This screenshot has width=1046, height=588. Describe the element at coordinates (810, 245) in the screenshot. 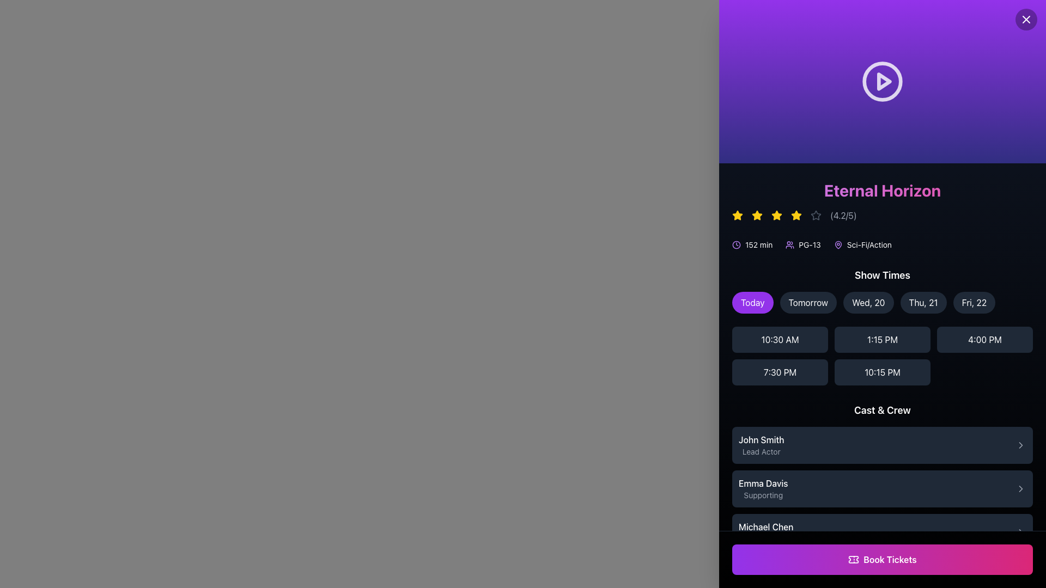

I see `content rating displayed on the label located to the right of the small user icon and directly above the movie genre text` at that location.